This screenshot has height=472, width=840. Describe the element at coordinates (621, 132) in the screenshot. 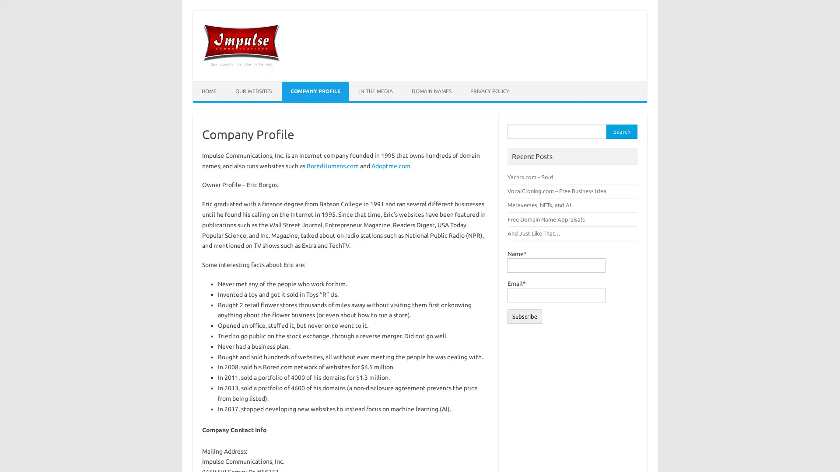

I see `Search` at that location.